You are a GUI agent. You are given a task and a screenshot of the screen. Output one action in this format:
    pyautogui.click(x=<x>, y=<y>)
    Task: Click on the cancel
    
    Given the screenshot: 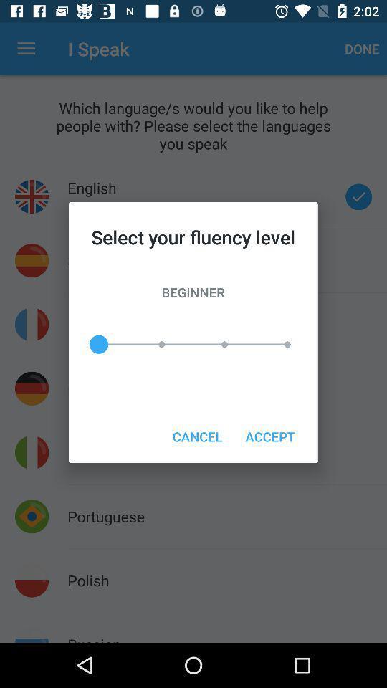 What is the action you would take?
    pyautogui.click(x=196, y=436)
    